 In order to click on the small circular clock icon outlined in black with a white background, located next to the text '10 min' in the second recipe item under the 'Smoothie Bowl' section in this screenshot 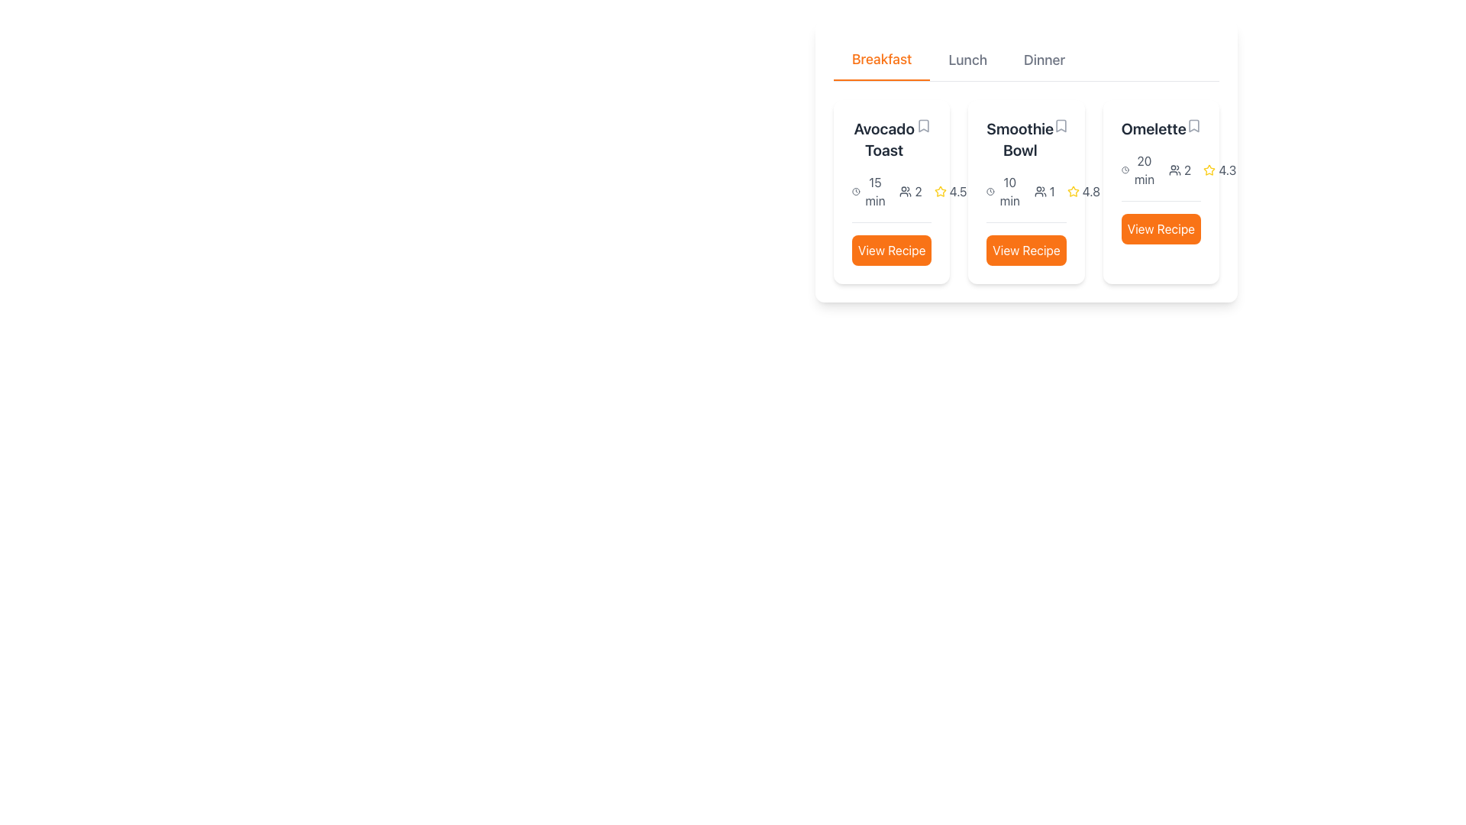, I will do `click(990, 190)`.